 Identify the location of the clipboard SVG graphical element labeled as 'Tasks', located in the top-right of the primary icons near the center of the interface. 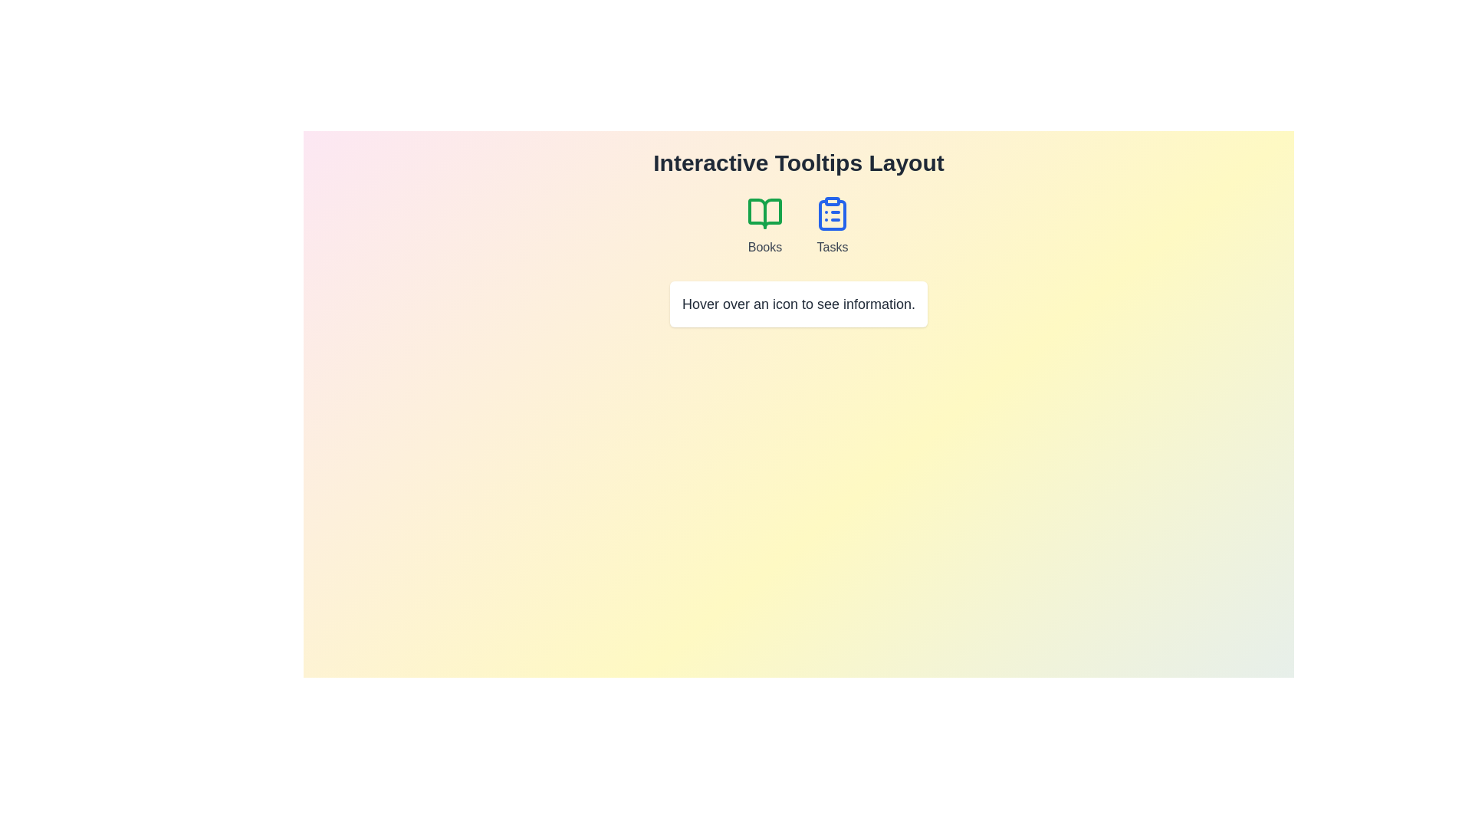
(831, 215).